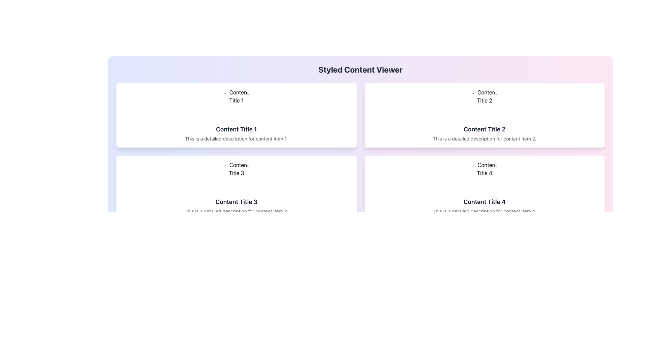  Describe the element at coordinates (236, 188) in the screenshot. I see `the card component with the title 'Content Title 3', which has a white background, rounded corners, and is located in the second row, first column of a grid layout` at that location.